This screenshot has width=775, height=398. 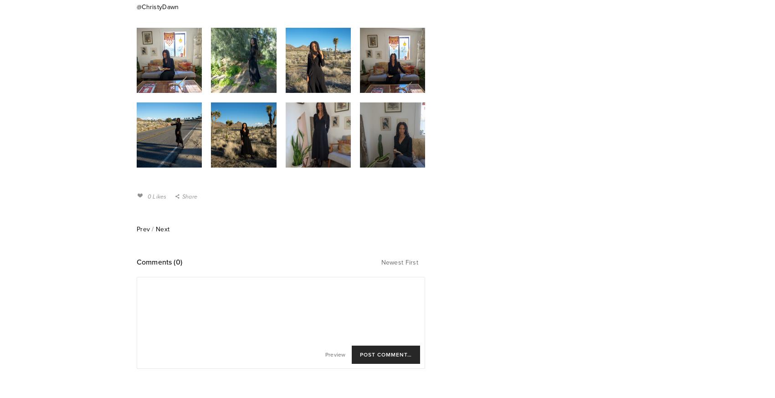 What do you see at coordinates (143, 229) in the screenshot?
I see `'Prev'` at bounding box center [143, 229].